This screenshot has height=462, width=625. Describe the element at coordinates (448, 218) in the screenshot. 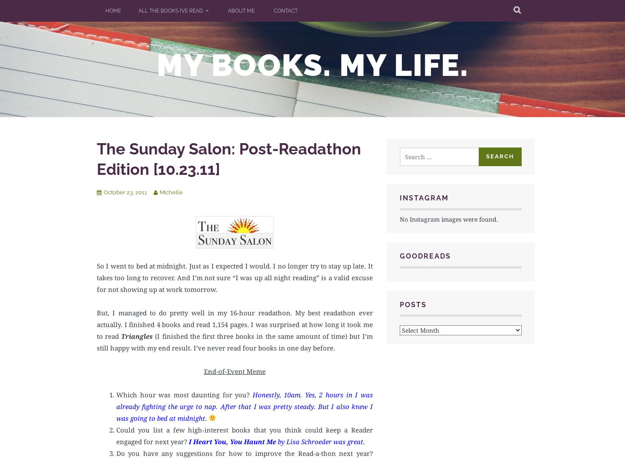

I see `'No Instagram images were found.'` at that location.